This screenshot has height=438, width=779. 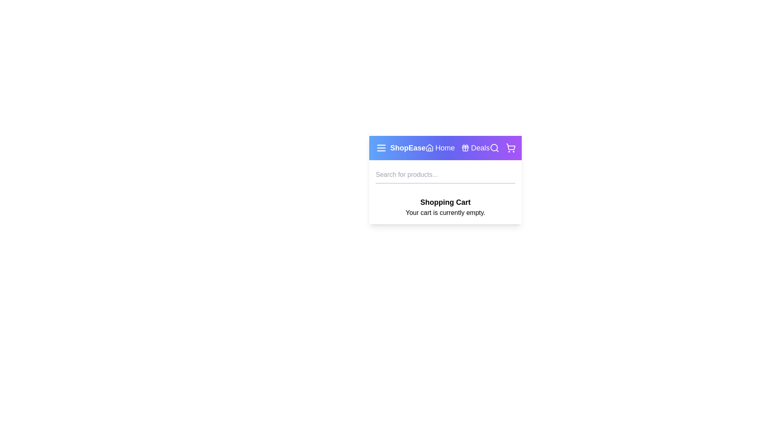 What do you see at coordinates (475, 148) in the screenshot?
I see `the 'Deals' button to navigate to the deals section` at bounding box center [475, 148].